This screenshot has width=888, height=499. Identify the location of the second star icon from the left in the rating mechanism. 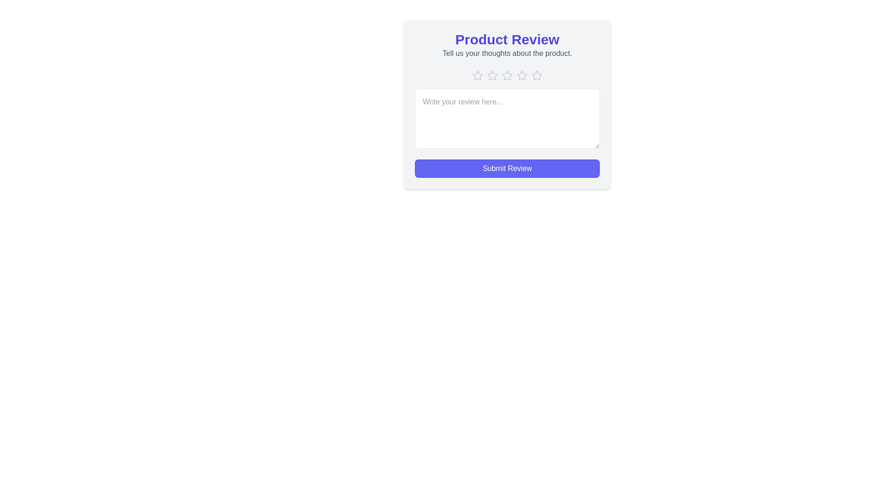
(492, 75).